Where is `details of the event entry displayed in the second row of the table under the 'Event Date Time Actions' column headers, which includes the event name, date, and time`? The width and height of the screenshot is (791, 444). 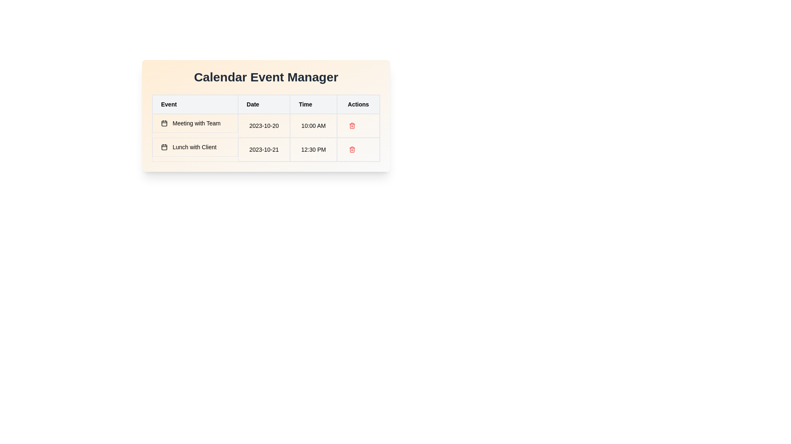
details of the event entry displayed in the second row of the table under the 'Event Date Time Actions' column headers, which includes the event name, date, and time is located at coordinates (266, 137).